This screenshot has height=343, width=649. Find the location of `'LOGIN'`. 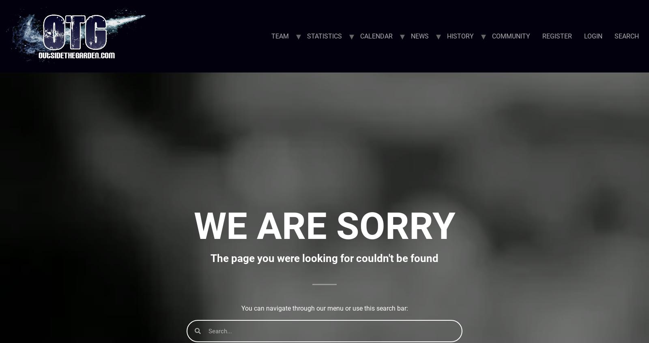

'LOGIN' is located at coordinates (593, 36).